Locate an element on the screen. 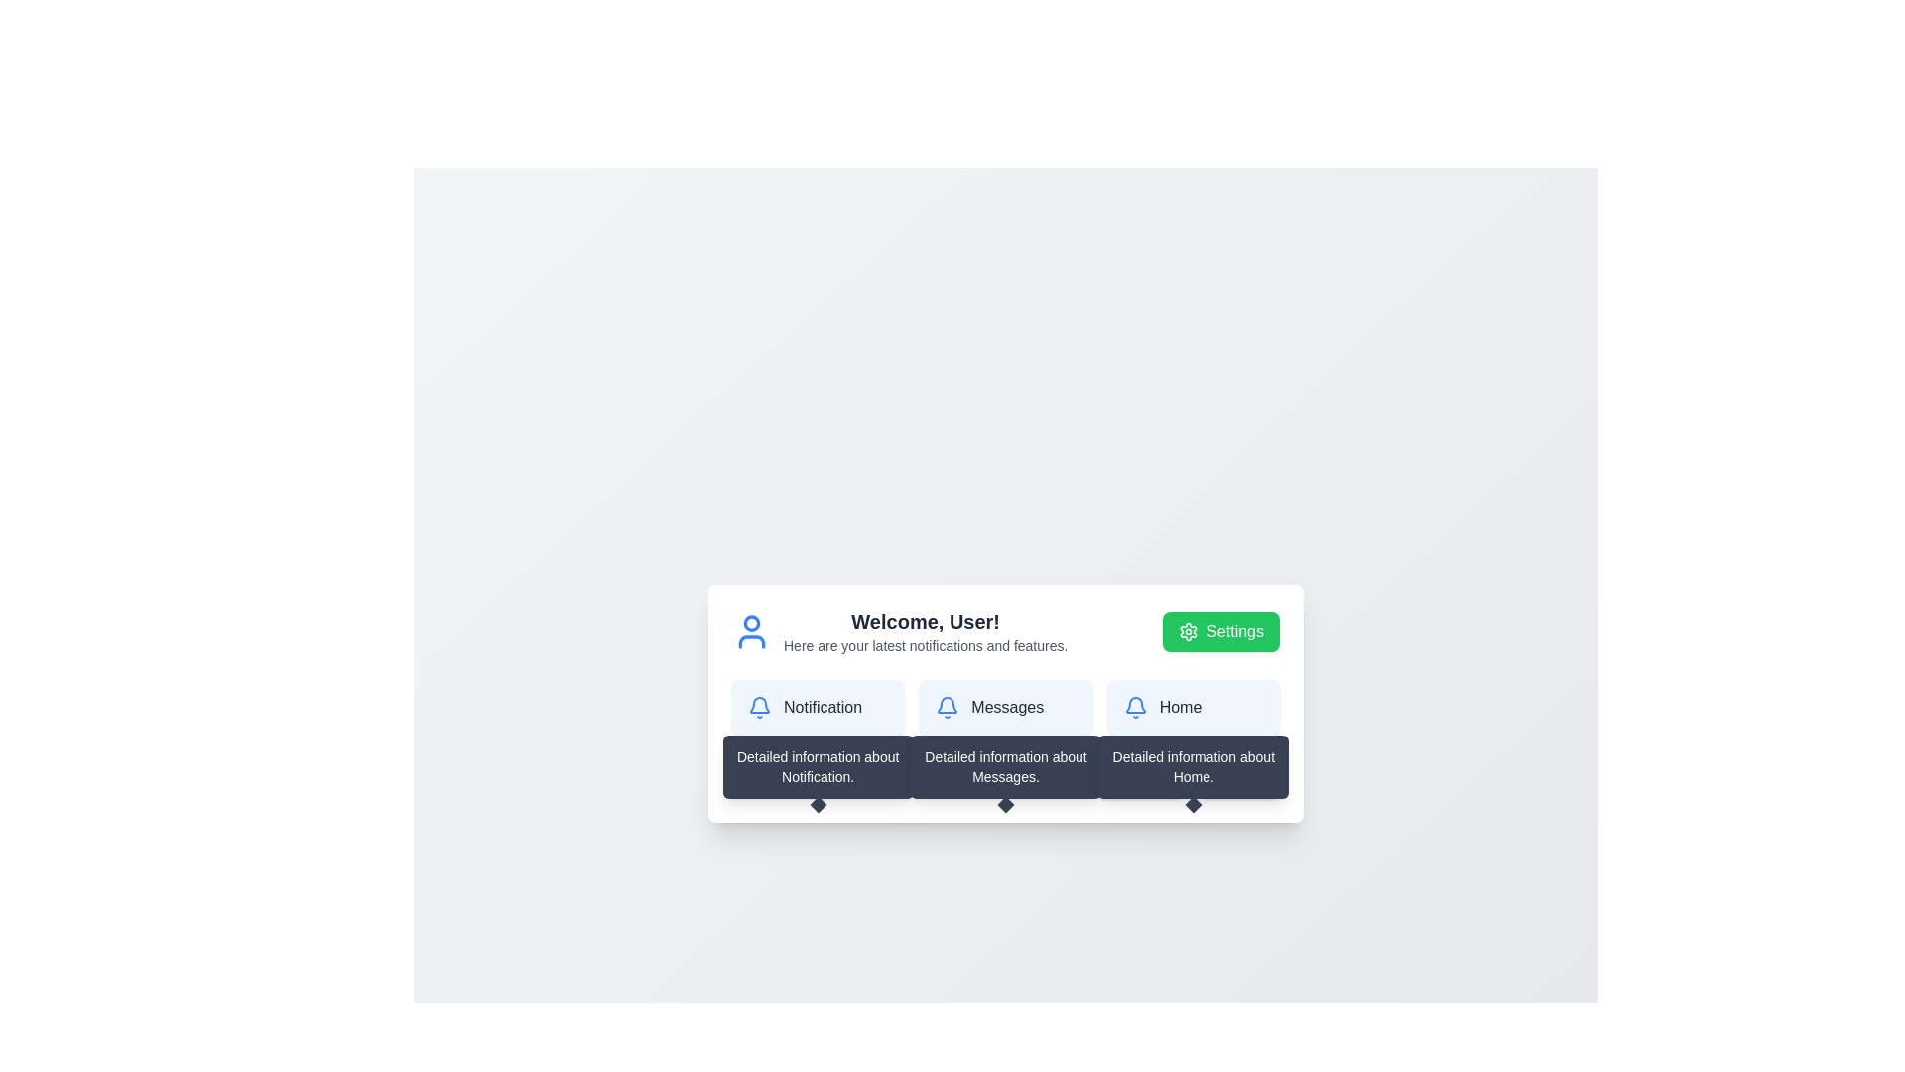  the text label that provides context or identification for its section, located to the right of a bell icon in a horizontal group of three items is located at coordinates (823, 707).